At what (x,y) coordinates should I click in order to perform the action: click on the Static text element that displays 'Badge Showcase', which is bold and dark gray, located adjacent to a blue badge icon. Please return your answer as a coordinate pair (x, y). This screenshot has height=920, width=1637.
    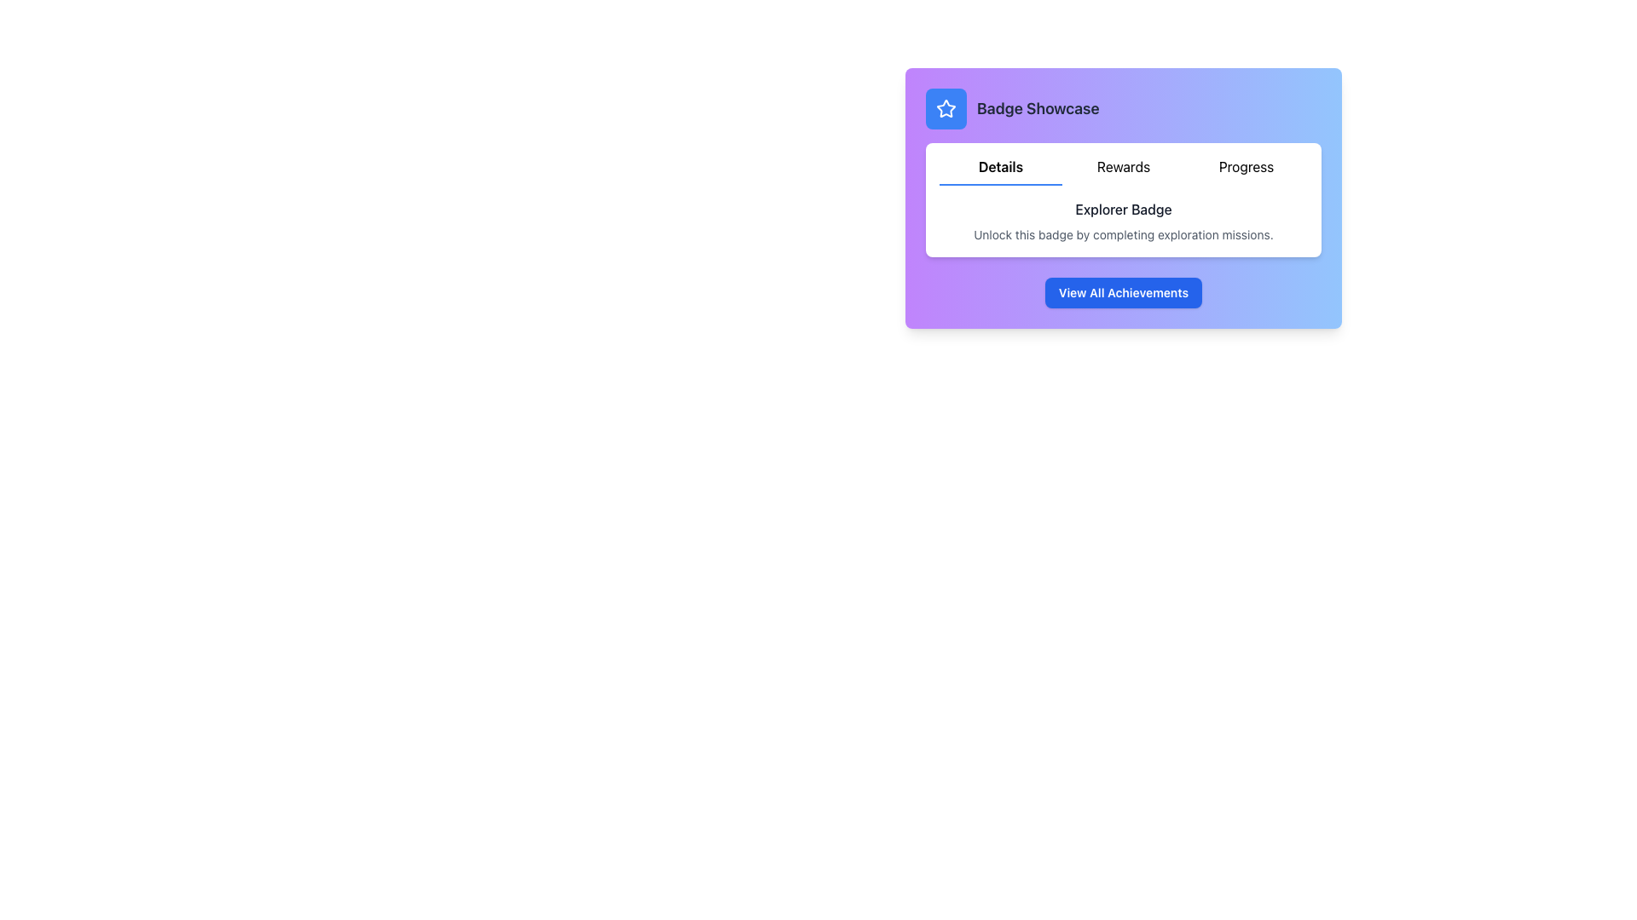
    Looking at the image, I should click on (1037, 108).